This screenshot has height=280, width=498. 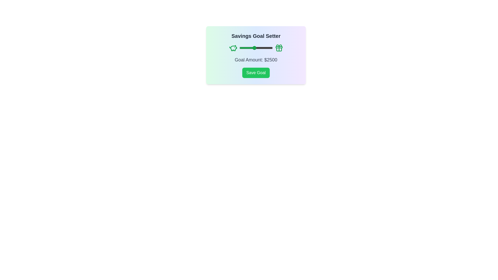 What do you see at coordinates (255, 48) in the screenshot?
I see `the savings goal slider to 2602 by dragging it` at bounding box center [255, 48].